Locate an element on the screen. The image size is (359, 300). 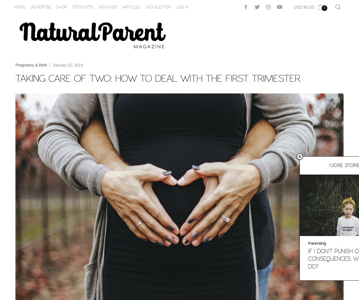
'0.00' is located at coordinates (310, 6).